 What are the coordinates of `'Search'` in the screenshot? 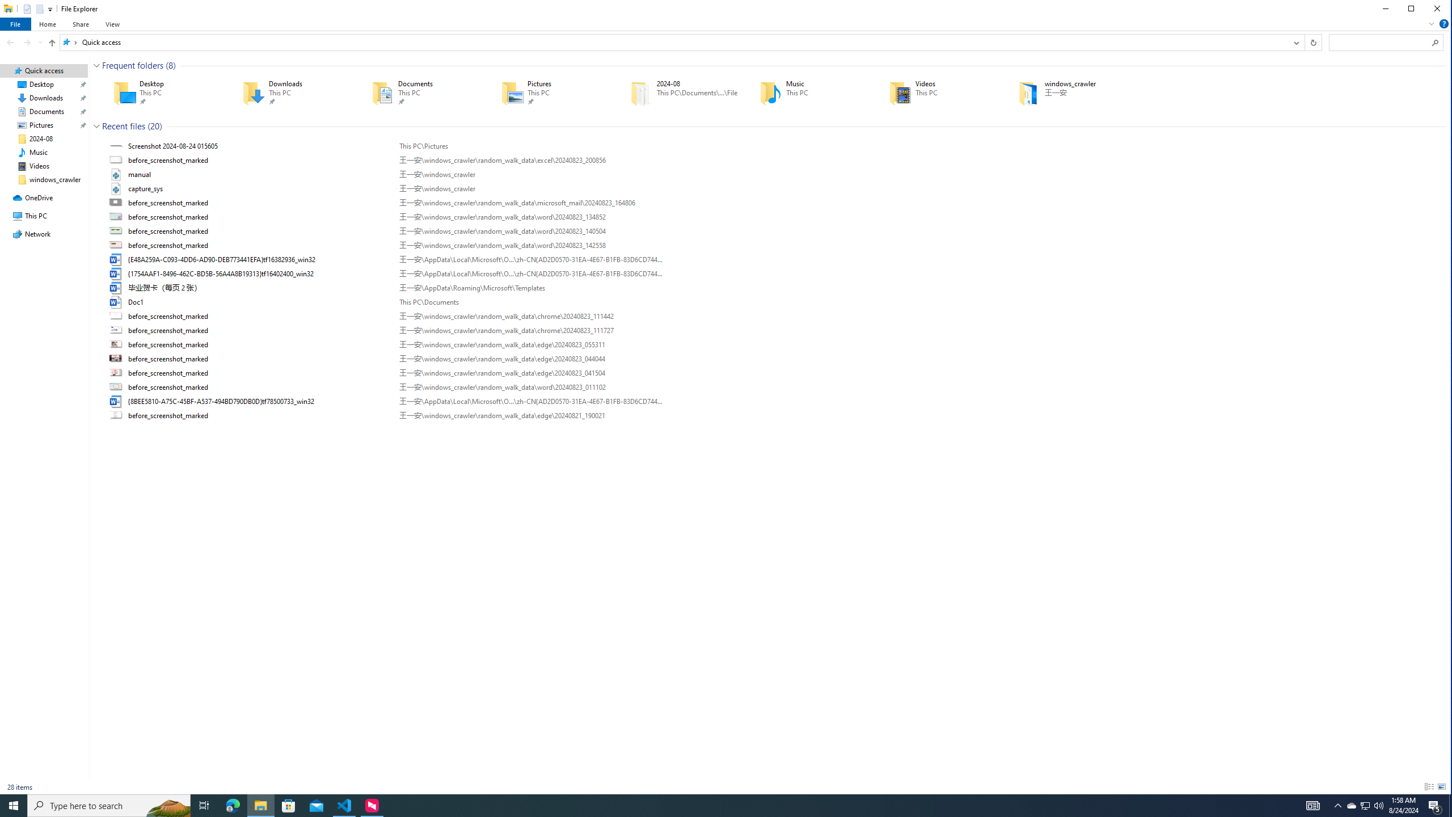 It's located at (1436, 41).